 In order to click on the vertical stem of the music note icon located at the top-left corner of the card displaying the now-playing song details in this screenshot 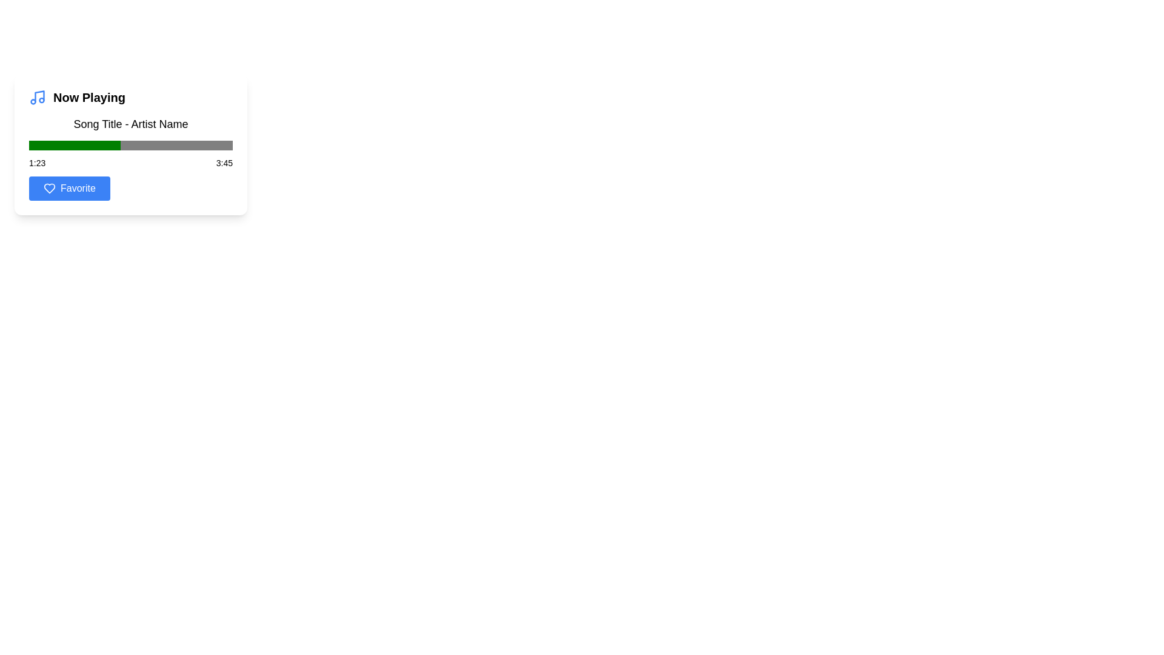, I will do `click(39, 96)`.